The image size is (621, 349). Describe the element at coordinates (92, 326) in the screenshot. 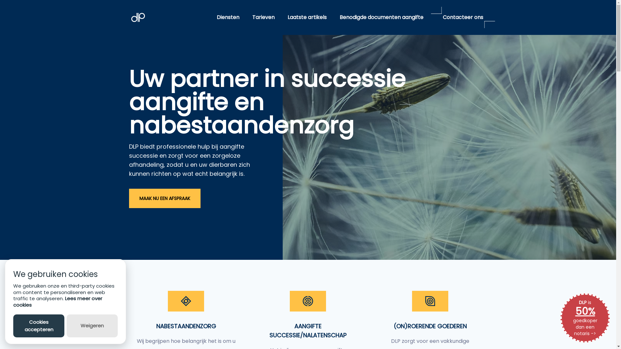

I see `'Weigeren'` at that location.